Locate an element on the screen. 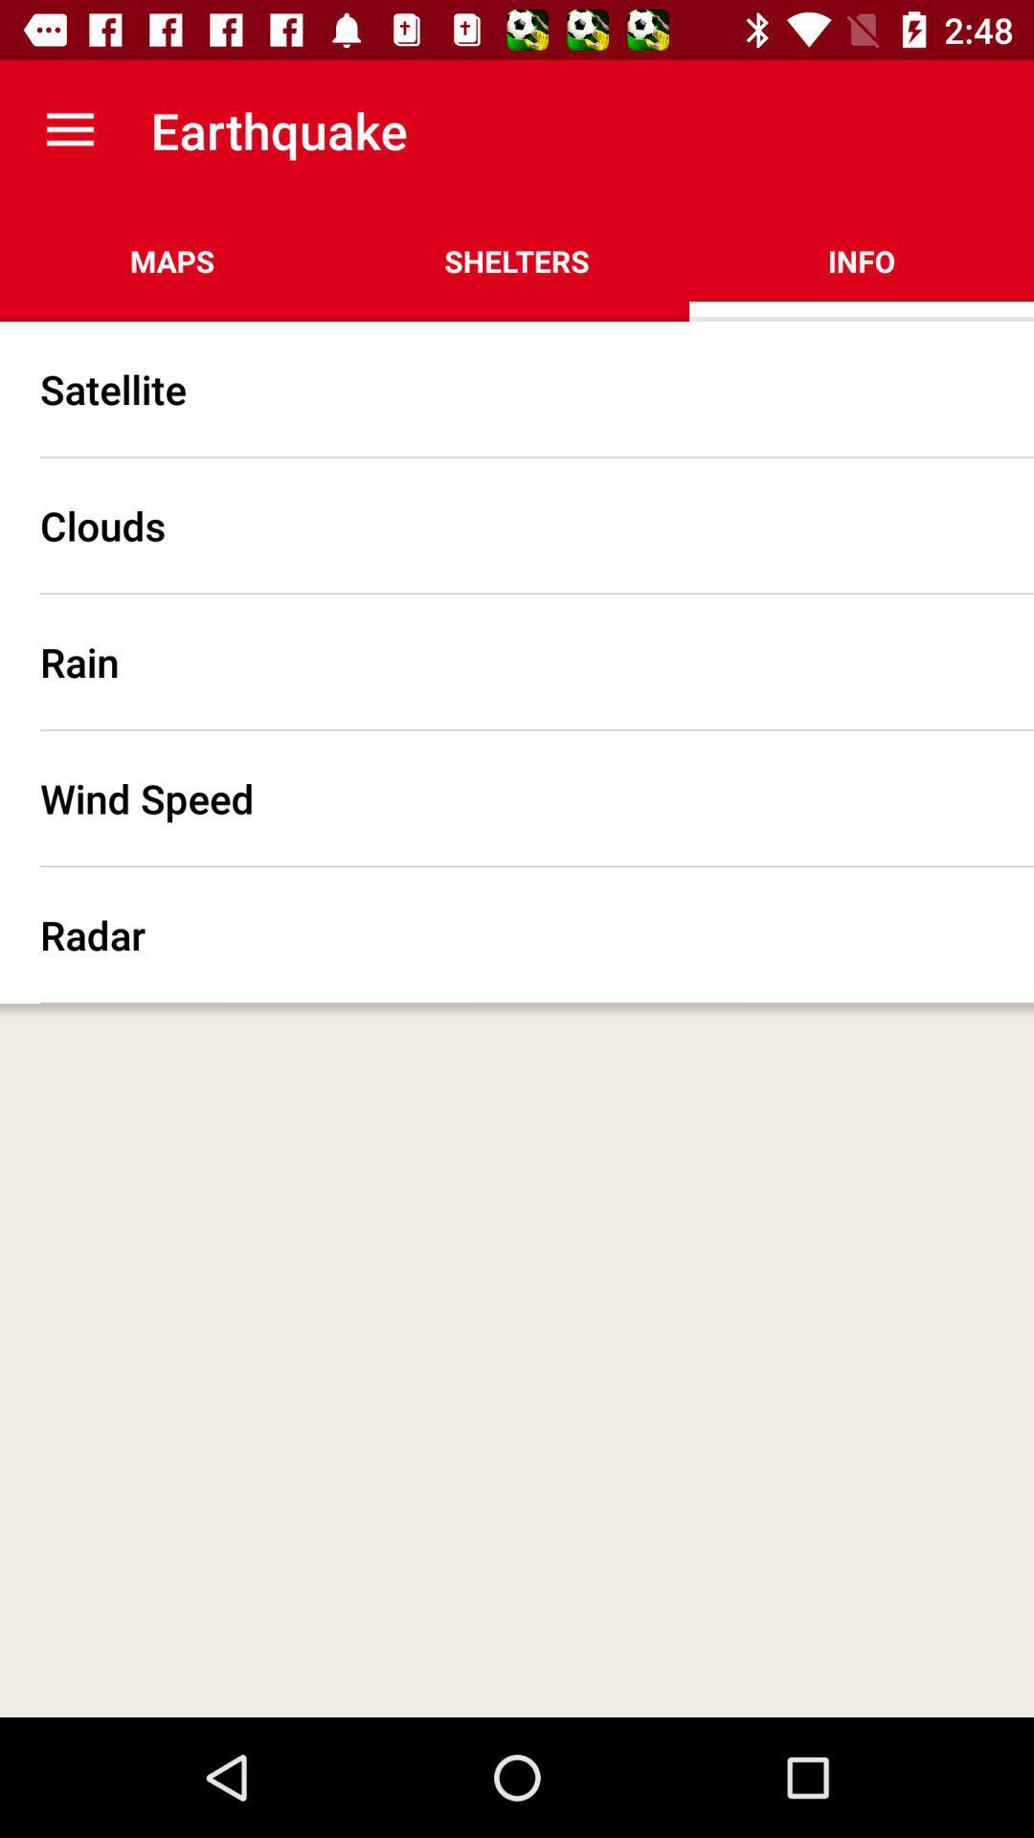 The image size is (1034, 1838). app to the left of info app is located at coordinates (517, 260).